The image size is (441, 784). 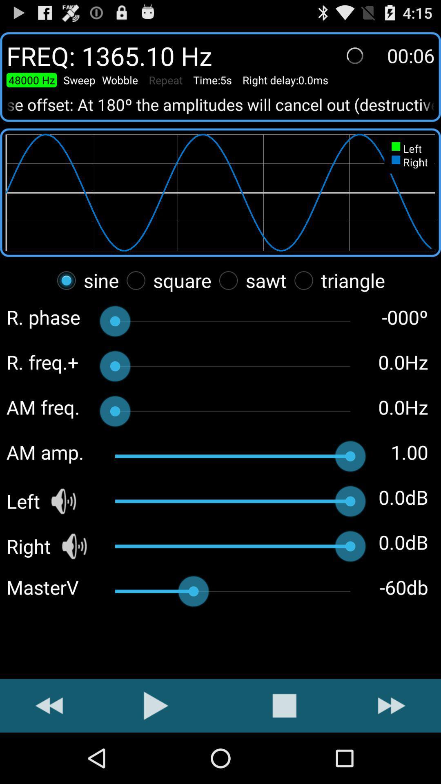 I want to click on the av_rewind icon, so click(x=49, y=755).